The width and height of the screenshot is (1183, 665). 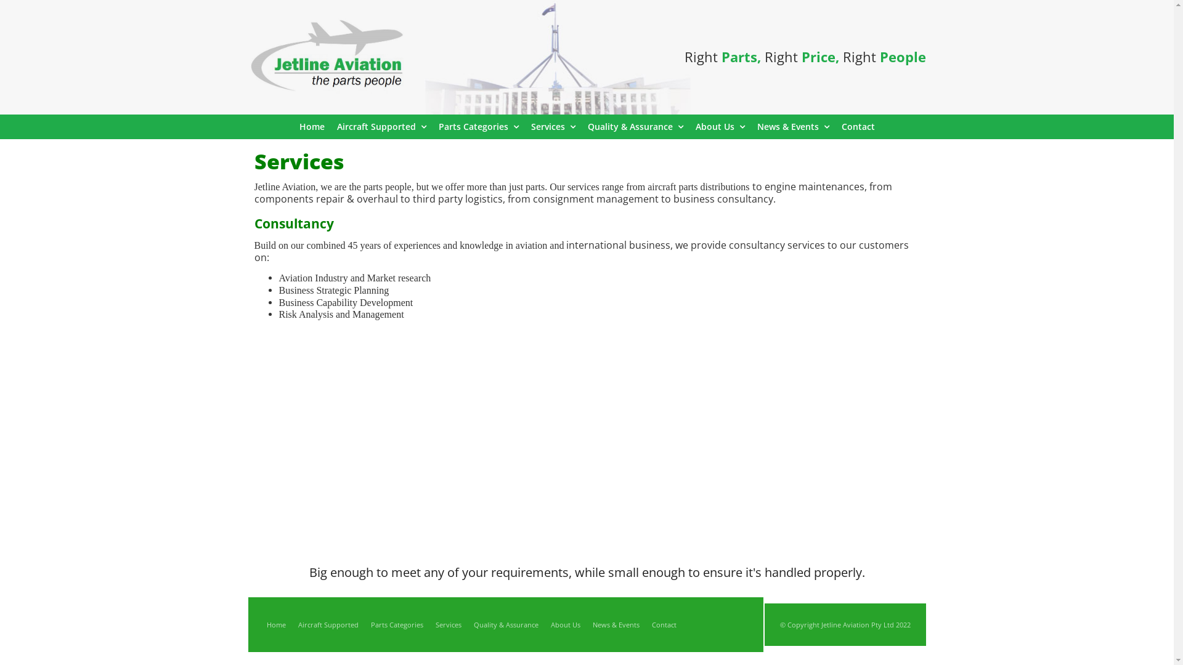 What do you see at coordinates (447, 624) in the screenshot?
I see `'Services'` at bounding box center [447, 624].